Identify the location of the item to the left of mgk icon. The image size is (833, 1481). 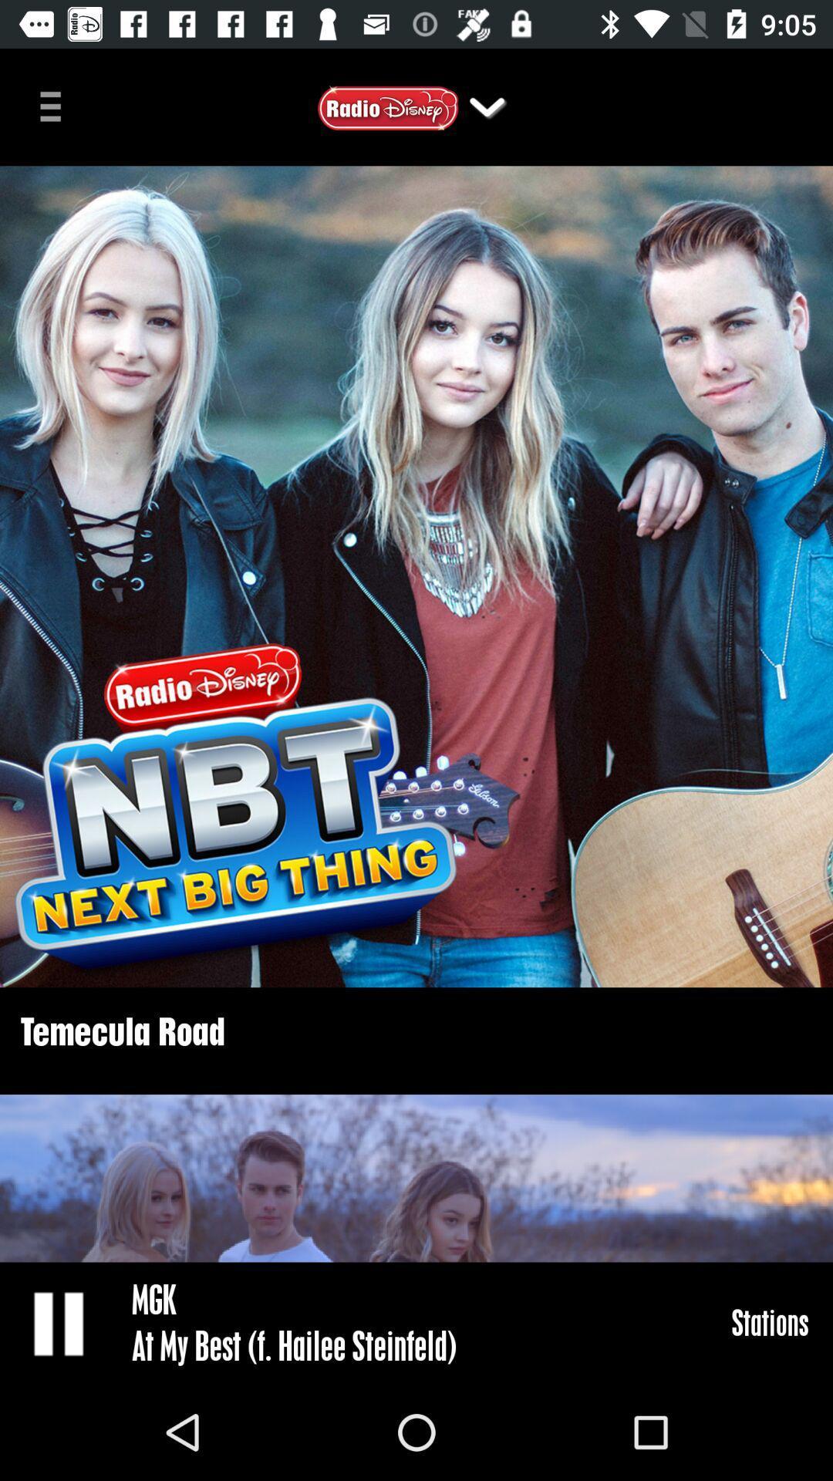
(59, 1322).